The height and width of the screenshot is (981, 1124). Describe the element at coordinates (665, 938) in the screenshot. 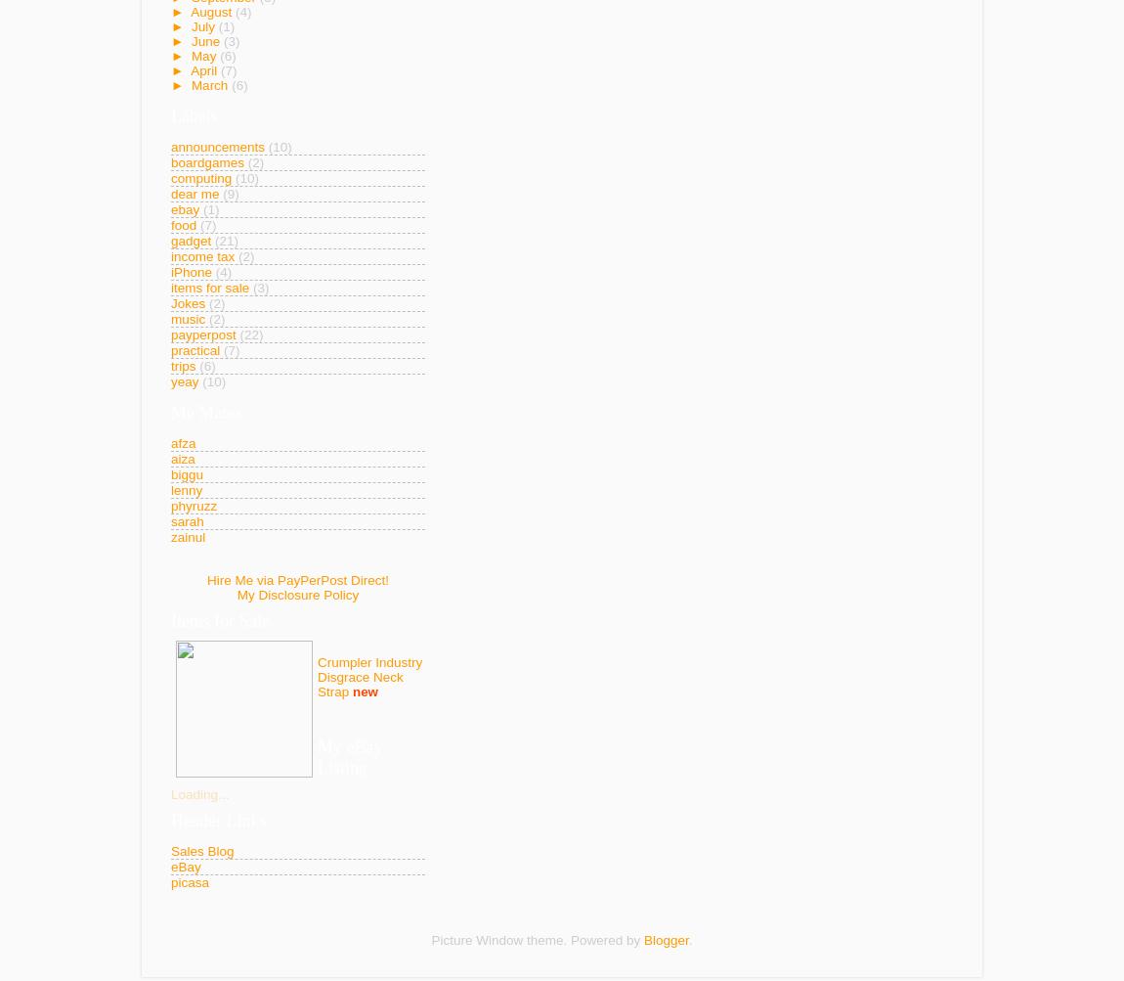

I see `'Blogger'` at that location.